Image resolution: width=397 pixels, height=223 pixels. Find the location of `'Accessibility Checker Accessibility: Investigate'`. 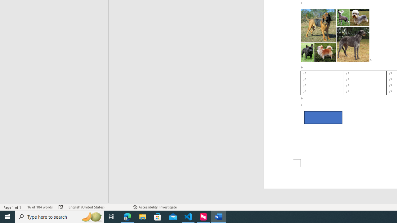

'Accessibility Checker Accessibility: Investigate' is located at coordinates (155, 207).